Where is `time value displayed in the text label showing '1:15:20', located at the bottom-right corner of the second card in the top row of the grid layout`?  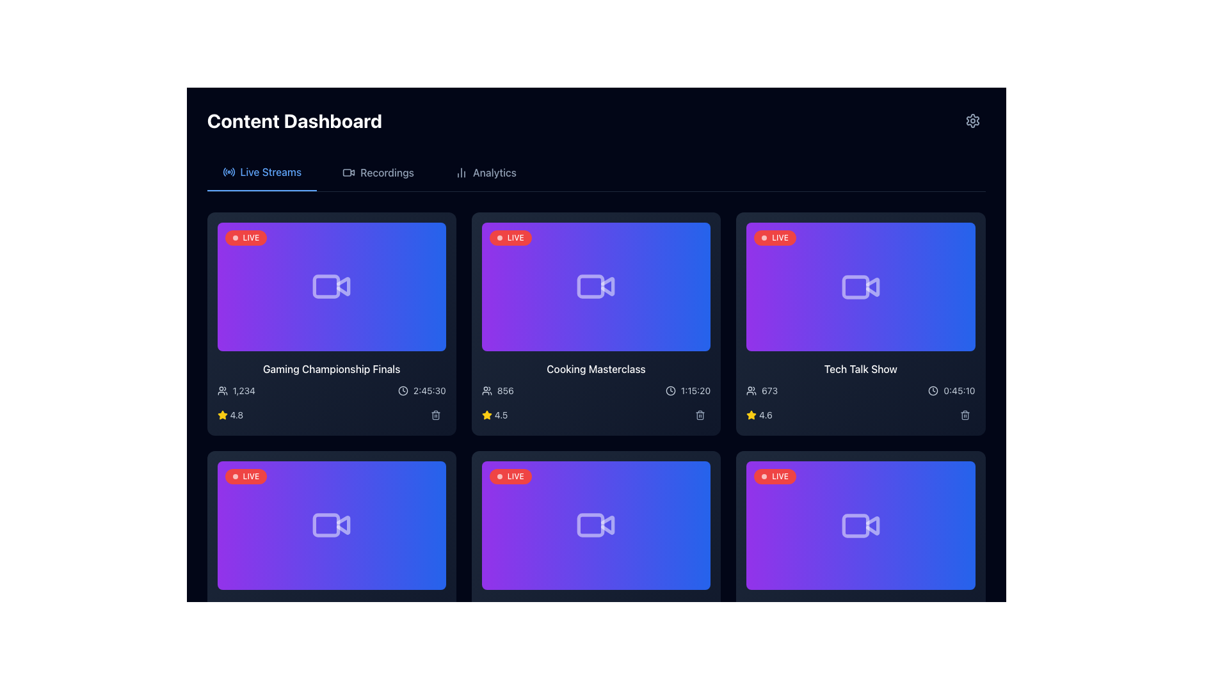 time value displayed in the text label showing '1:15:20', located at the bottom-right corner of the second card in the top row of the grid layout is located at coordinates (695, 390).